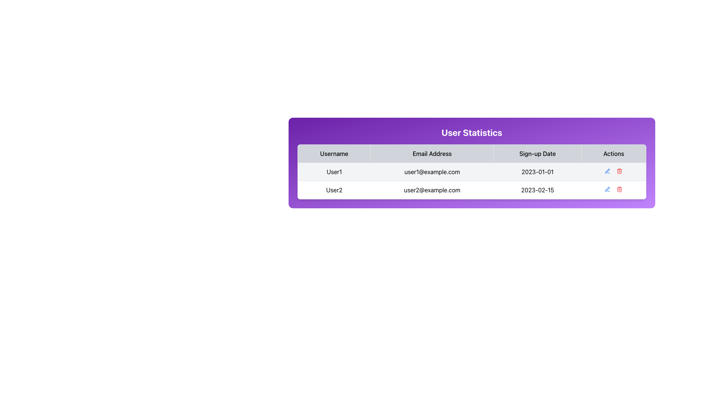  What do you see at coordinates (537, 172) in the screenshot?
I see `the text label displaying the date '2023-01-01' in the 'Sign-up Date' column for user 'User1' in the data table` at bounding box center [537, 172].